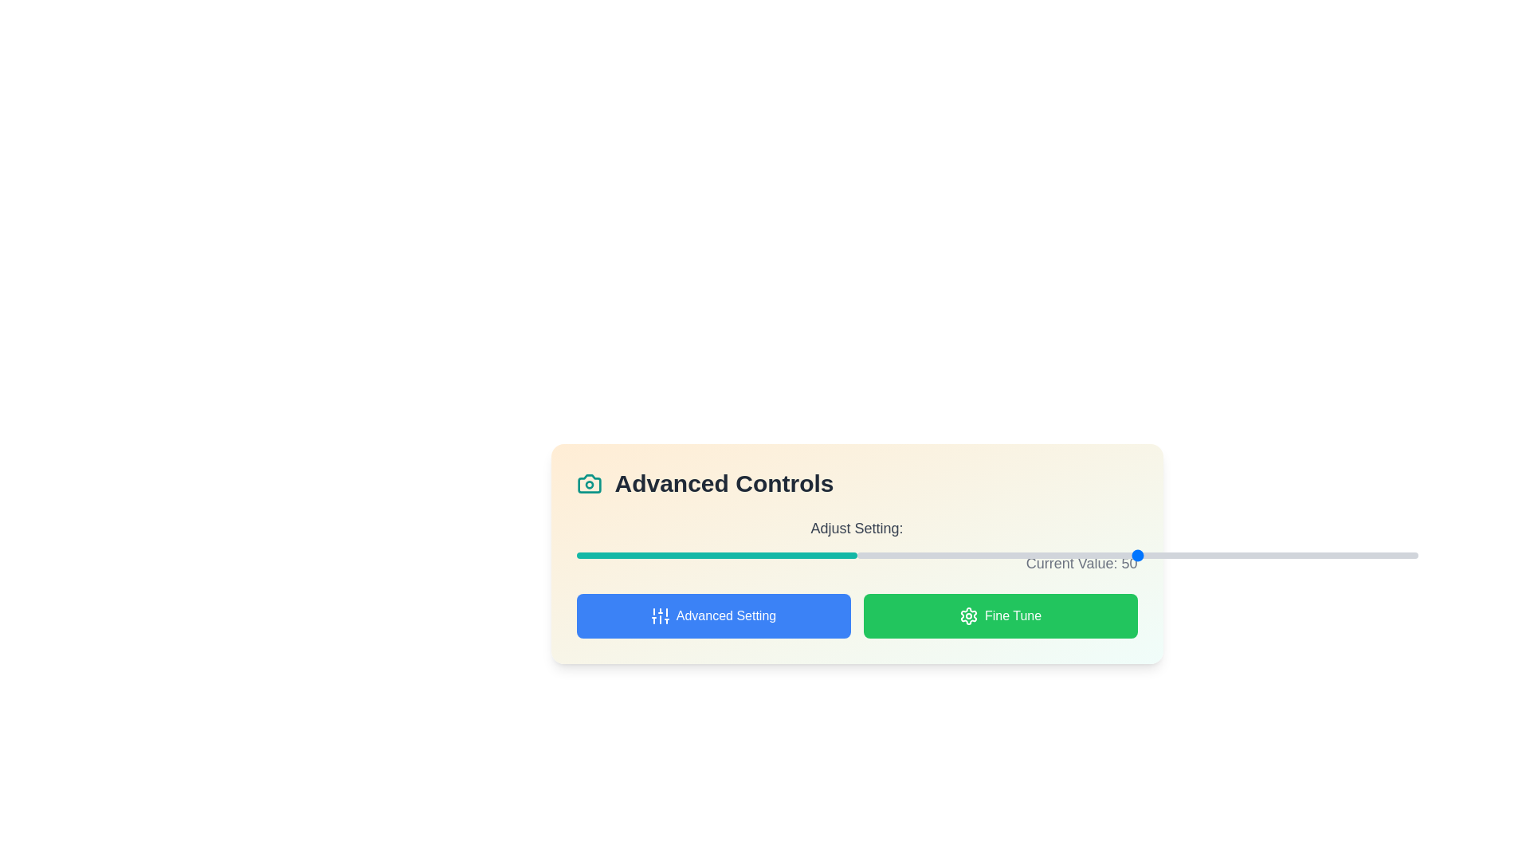 Image resolution: width=1530 pixels, height=861 pixels. What do you see at coordinates (598, 552) in the screenshot?
I see `the slider` at bounding box center [598, 552].